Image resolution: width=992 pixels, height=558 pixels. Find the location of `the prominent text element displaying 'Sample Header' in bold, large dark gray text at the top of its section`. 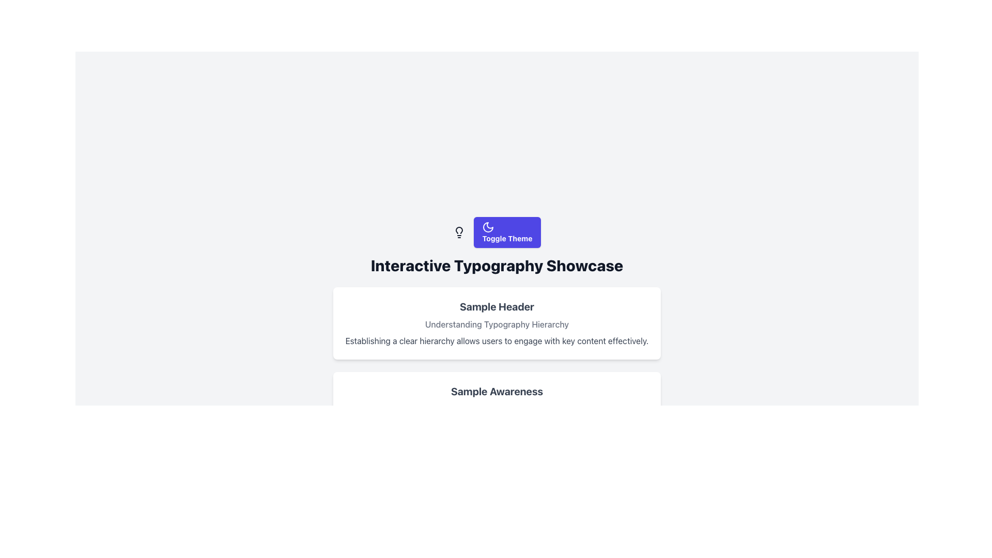

the prominent text element displaying 'Sample Header' in bold, large dark gray text at the top of its section is located at coordinates (497, 306).